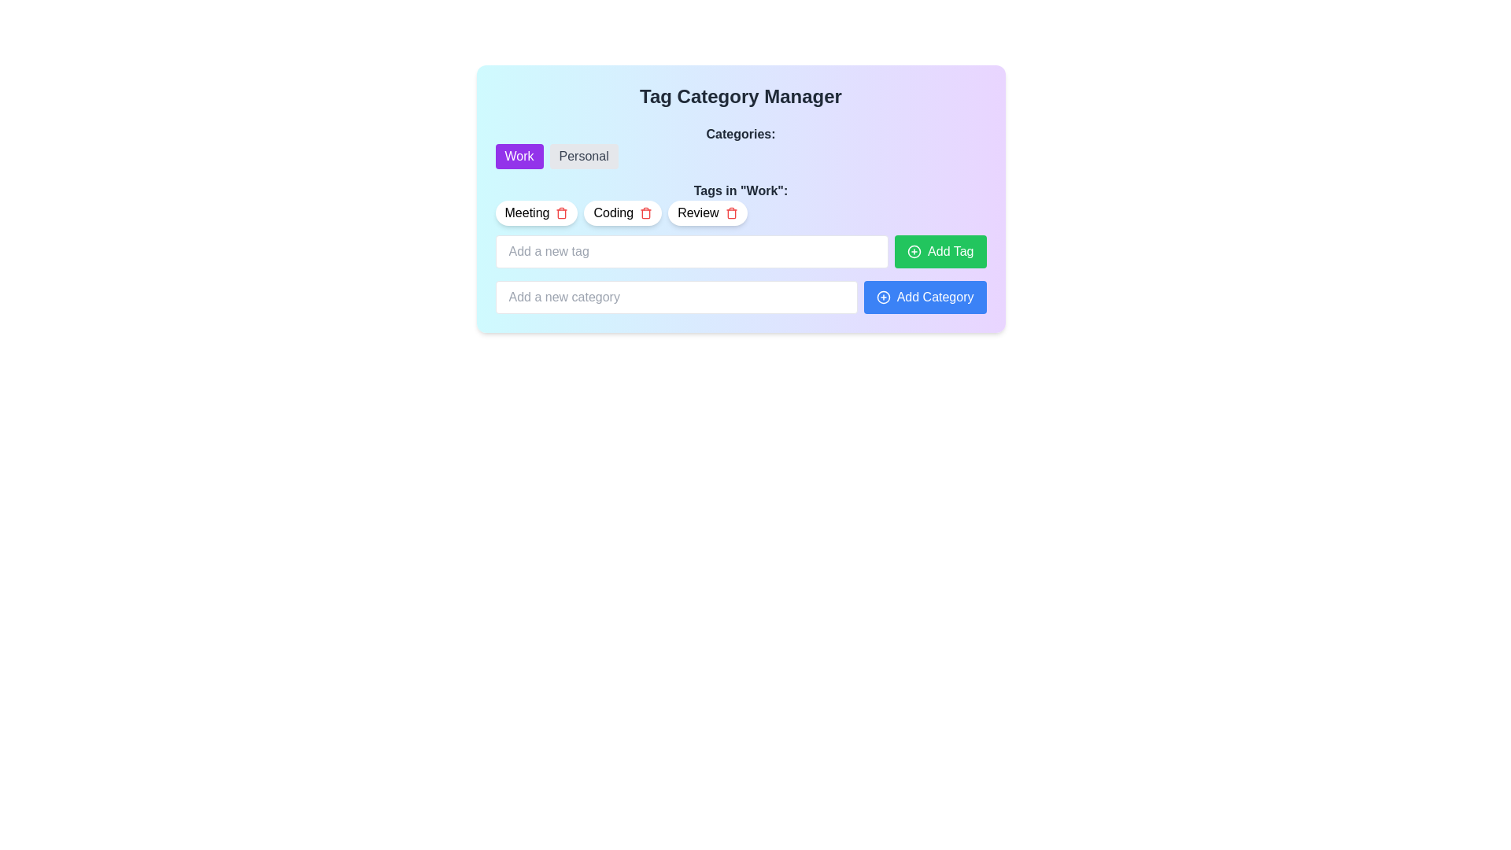 This screenshot has width=1511, height=850. What do you see at coordinates (925, 297) in the screenshot?
I see `the button that allows the user to add a category to the predefined list` at bounding box center [925, 297].